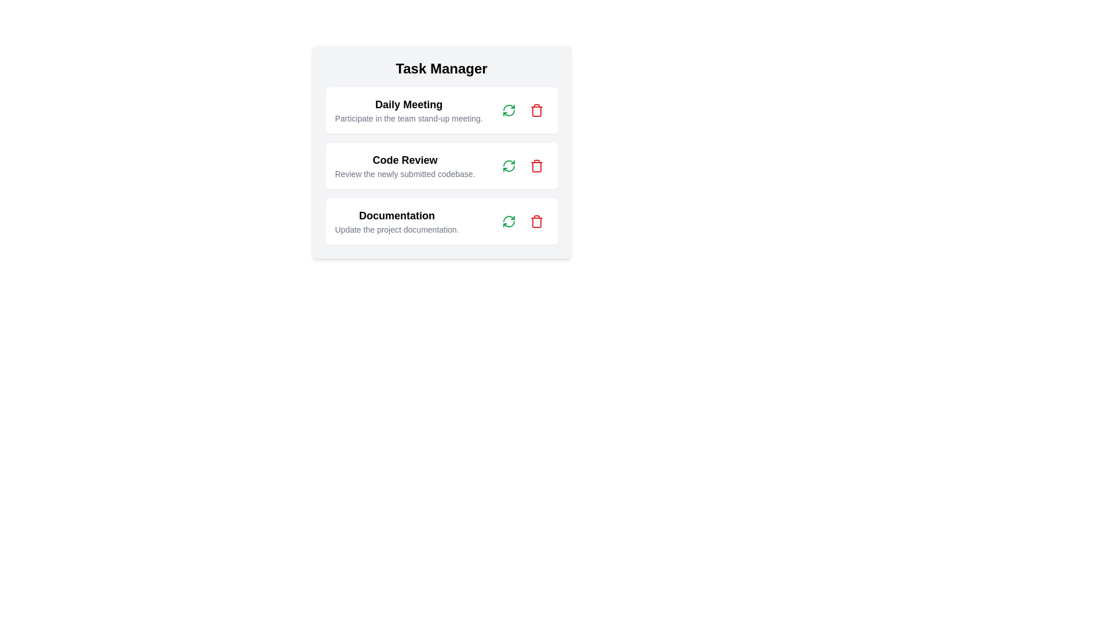 The width and height of the screenshot is (1112, 625). Describe the element at coordinates (509, 166) in the screenshot. I see `the refresh button located in the second row under the 'Code Review' task, positioned directly to the right of the task description text and next to the delete icon` at that location.